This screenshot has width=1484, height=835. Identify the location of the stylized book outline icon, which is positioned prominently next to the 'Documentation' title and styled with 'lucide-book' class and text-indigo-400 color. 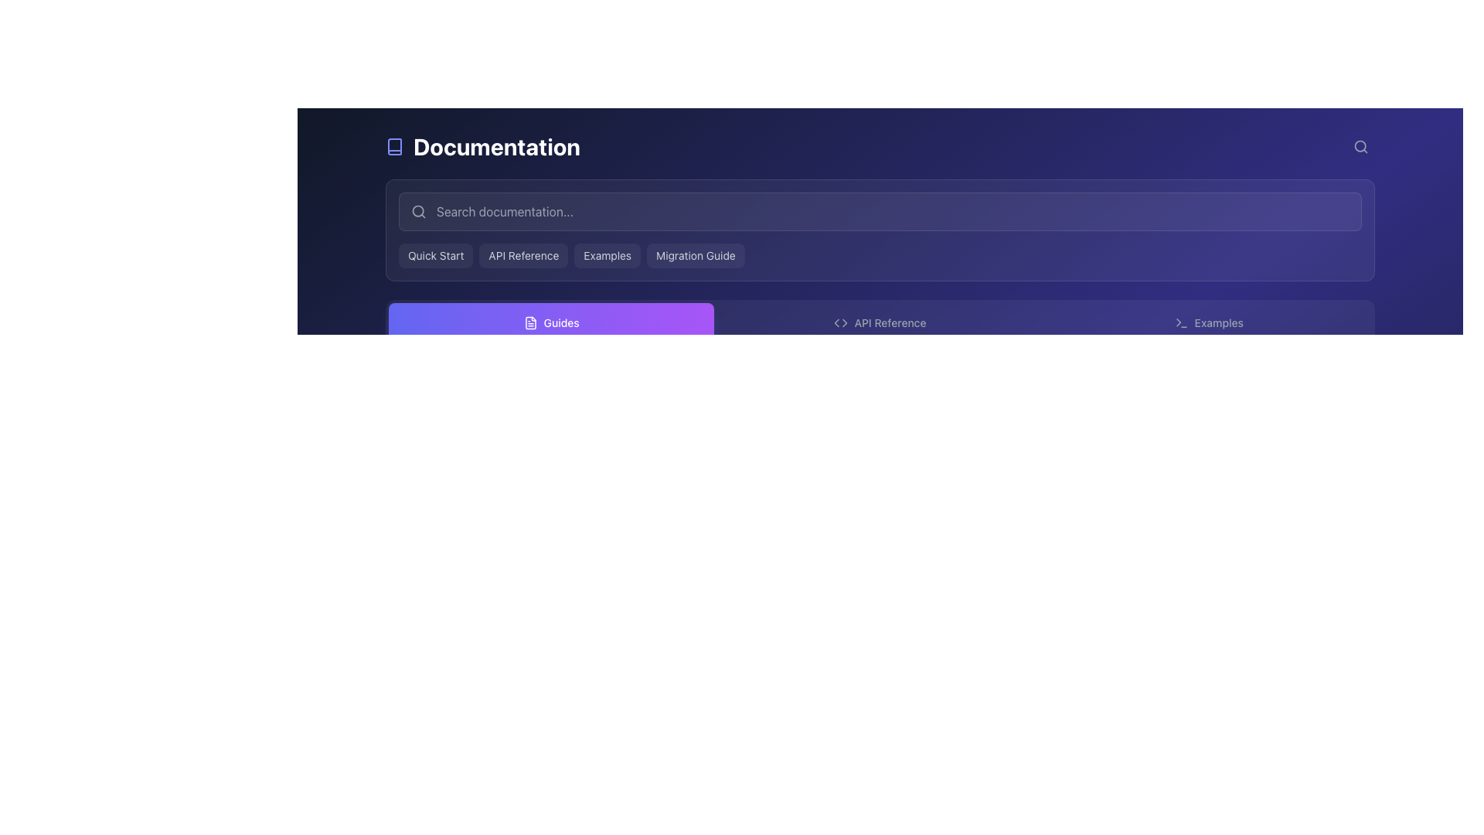
(394, 146).